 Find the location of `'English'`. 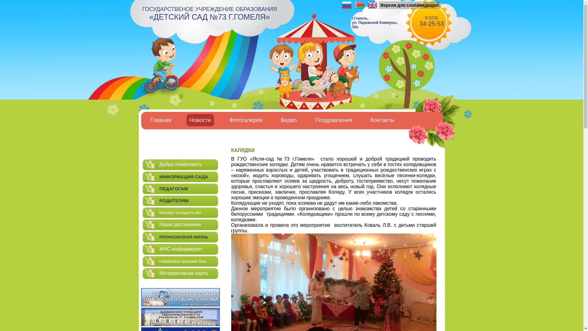

'English' is located at coordinates (372, 5).